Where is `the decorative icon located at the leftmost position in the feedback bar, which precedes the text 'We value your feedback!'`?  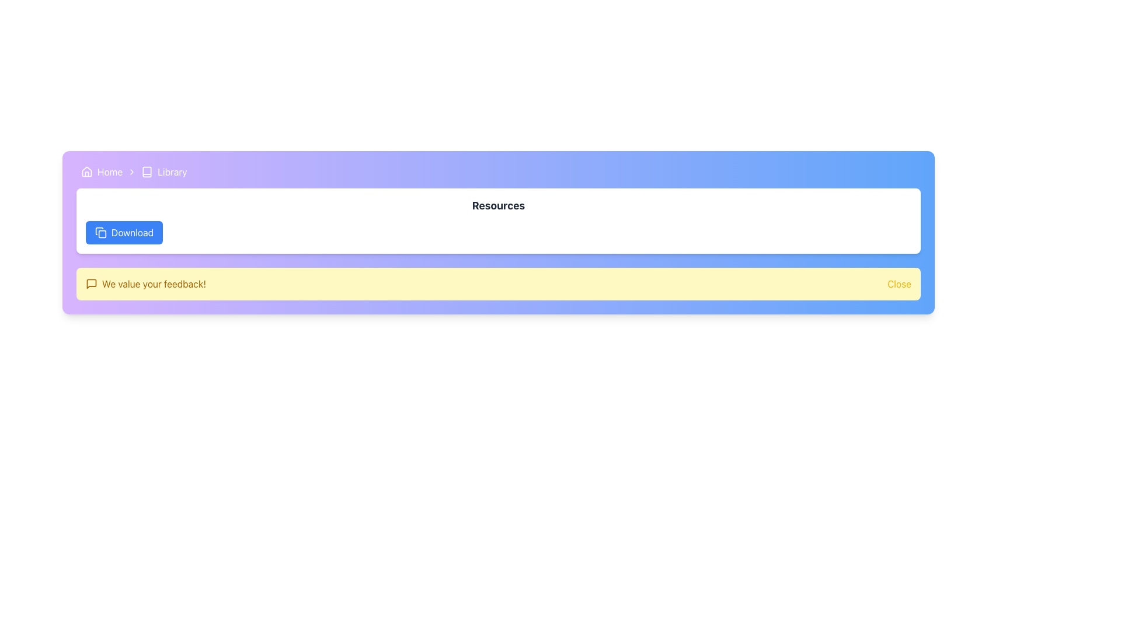 the decorative icon located at the leftmost position in the feedback bar, which precedes the text 'We value your feedback!' is located at coordinates (91, 283).